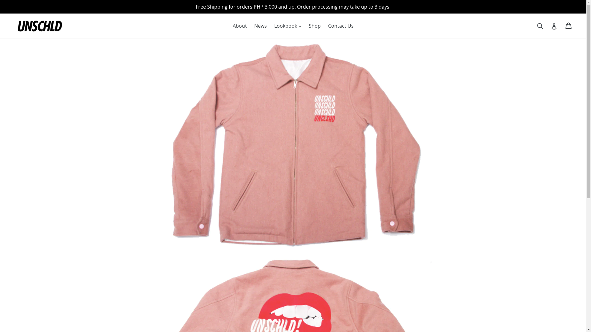  What do you see at coordinates (239, 26) in the screenshot?
I see `'About'` at bounding box center [239, 26].